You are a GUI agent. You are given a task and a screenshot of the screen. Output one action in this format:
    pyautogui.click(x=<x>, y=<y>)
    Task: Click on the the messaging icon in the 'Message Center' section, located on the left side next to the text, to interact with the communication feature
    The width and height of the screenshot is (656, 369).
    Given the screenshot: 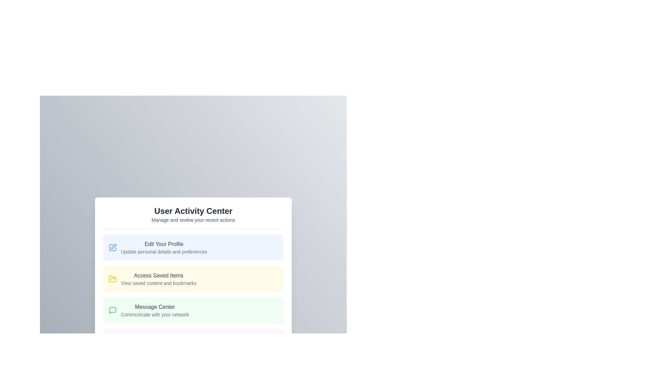 What is the action you would take?
    pyautogui.click(x=113, y=310)
    